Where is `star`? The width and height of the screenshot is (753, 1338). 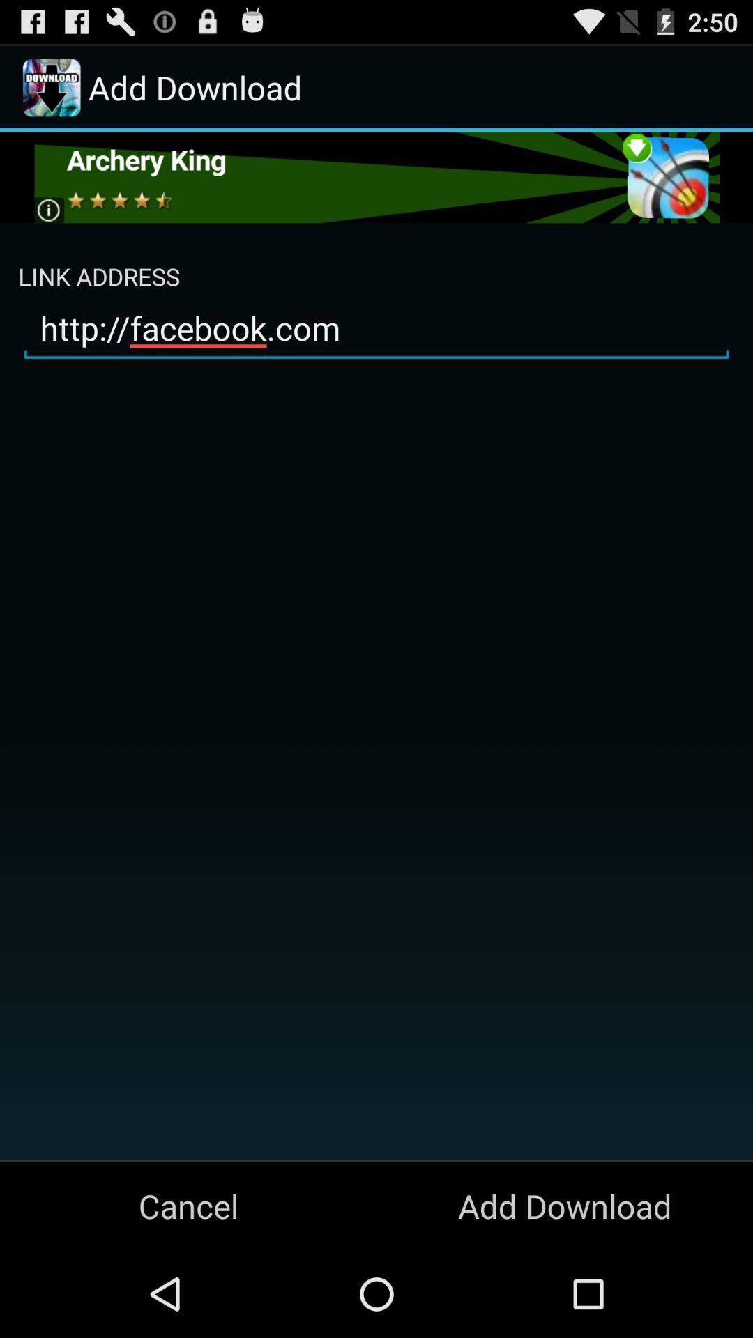
star is located at coordinates (375, 176).